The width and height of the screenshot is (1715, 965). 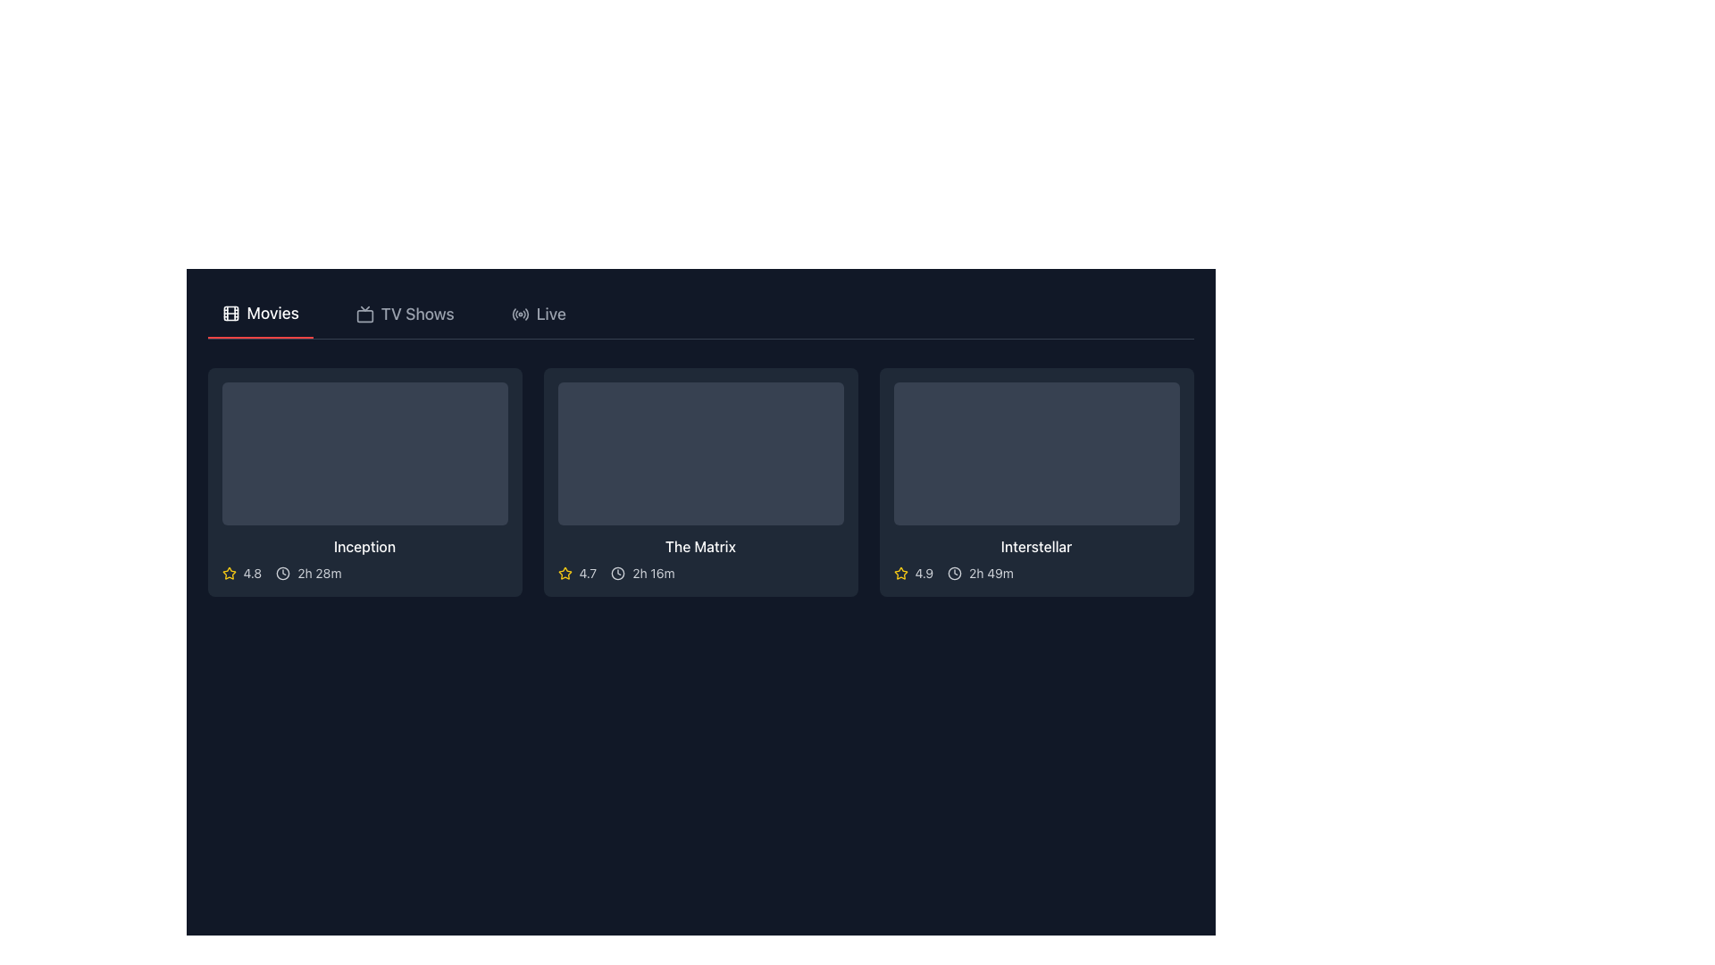 What do you see at coordinates (519, 313) in the screenshot?
I see `the visual details of the 'Live' feature icon located in the top navigation bar, positioned between the 'TV Shows' and 'Movies' buttons` at bounding box center [519, 313].